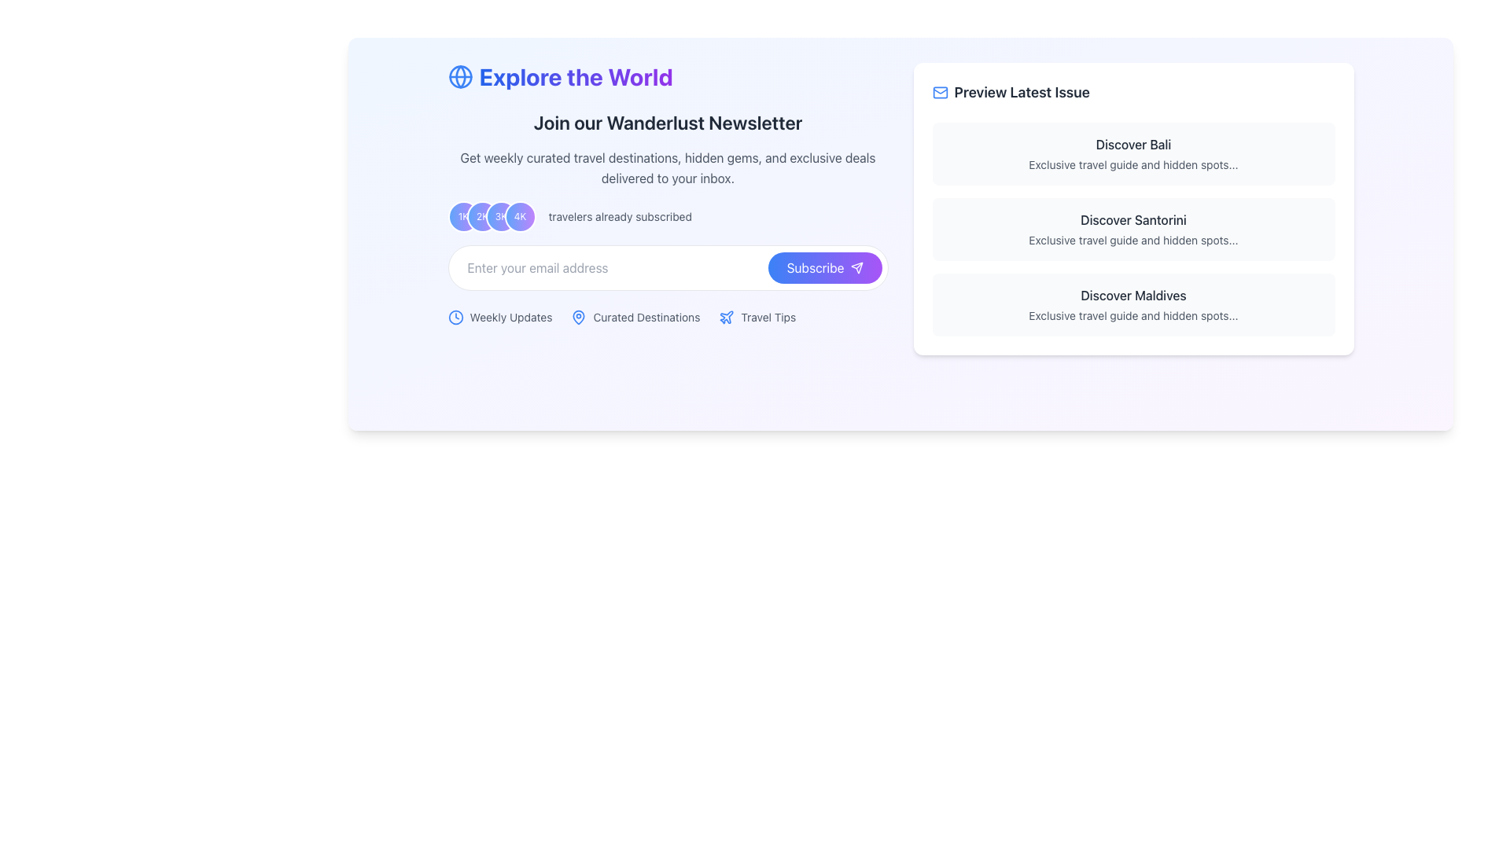 The image size is (1510, 849). Describe the element at coordinates (1133, 315) in the screenshot. I see `text snippet 'Exclusive travel guide and hidden spots...' located beneath the title in the bottom part of the 'Discover Maldives' card, which is the third card in the vertically-aligned list within the 'Preview Latest Issue' section` at that location.